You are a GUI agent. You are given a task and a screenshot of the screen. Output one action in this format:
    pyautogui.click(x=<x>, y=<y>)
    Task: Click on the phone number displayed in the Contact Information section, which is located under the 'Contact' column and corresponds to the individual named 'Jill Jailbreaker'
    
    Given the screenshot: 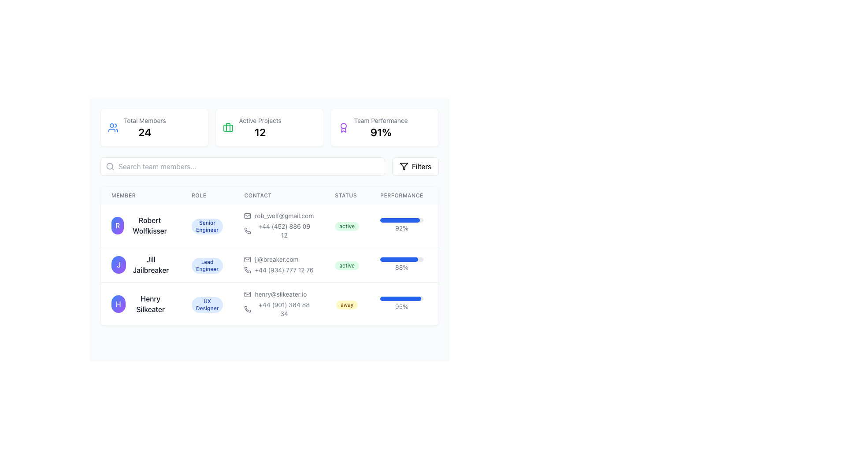 What is the action you would take?
    pyautogui.click(x=278, y=264)
    